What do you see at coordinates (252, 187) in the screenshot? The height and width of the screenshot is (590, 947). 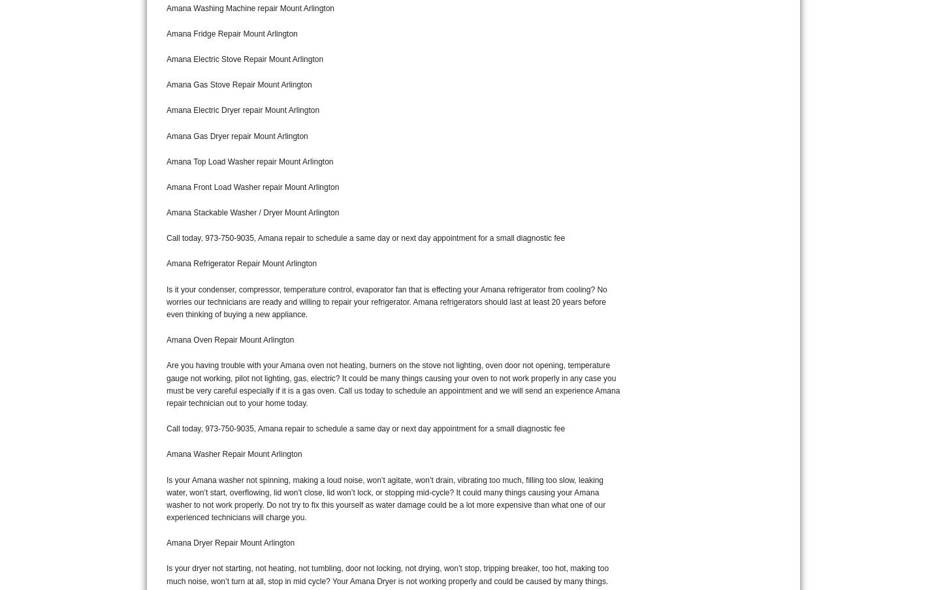 I see `'Amana Front Load Washer repair Mount Arlington'` at bounding box center [252, 187].